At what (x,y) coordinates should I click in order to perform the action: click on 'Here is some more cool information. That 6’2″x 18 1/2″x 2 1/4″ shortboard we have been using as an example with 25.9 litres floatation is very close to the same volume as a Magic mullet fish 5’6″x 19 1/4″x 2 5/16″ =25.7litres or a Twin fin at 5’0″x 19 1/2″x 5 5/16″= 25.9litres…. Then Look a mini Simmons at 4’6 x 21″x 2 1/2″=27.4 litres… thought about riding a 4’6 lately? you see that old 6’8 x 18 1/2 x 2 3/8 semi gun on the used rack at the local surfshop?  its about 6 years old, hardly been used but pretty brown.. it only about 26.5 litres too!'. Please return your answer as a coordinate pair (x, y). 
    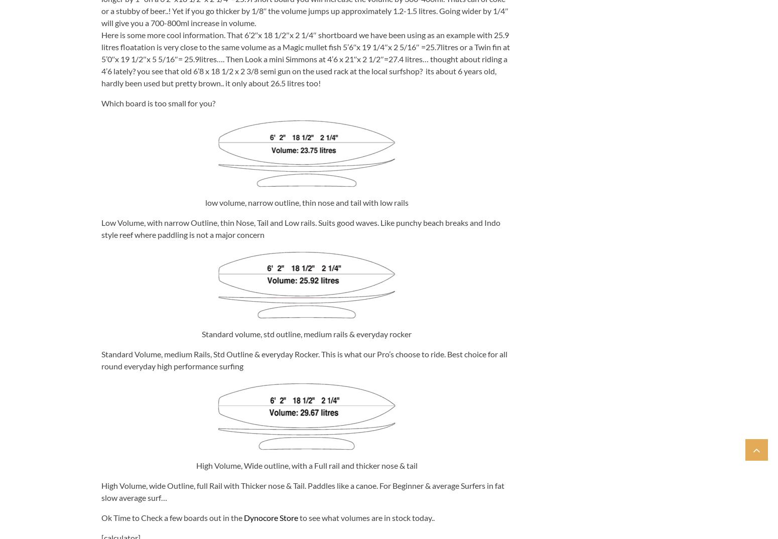
    Looking at the image, I should click on (100, 58).